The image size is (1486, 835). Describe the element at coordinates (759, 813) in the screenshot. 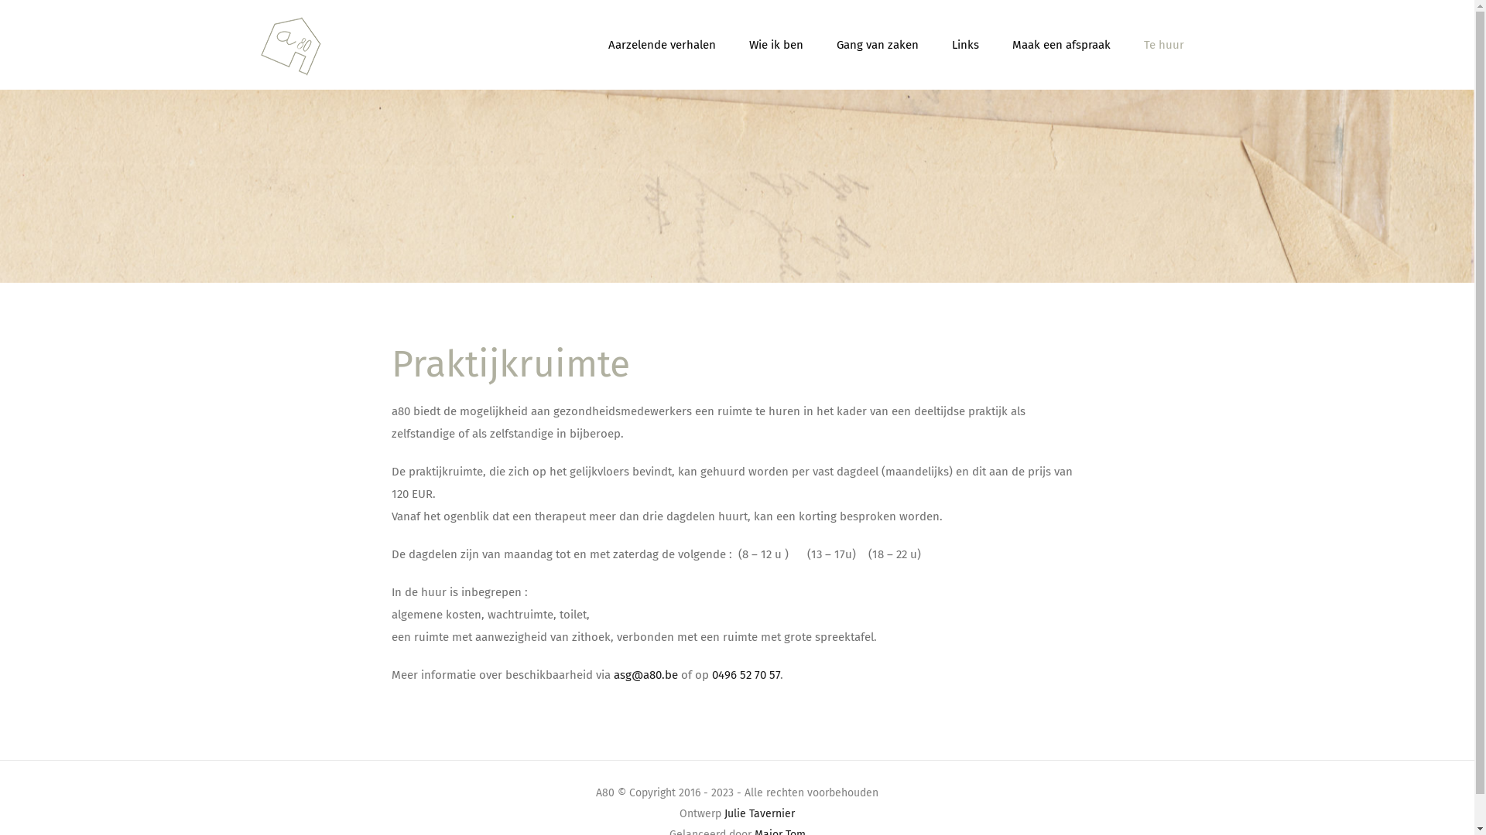

I see `'Julie Tavernier'` at that location.